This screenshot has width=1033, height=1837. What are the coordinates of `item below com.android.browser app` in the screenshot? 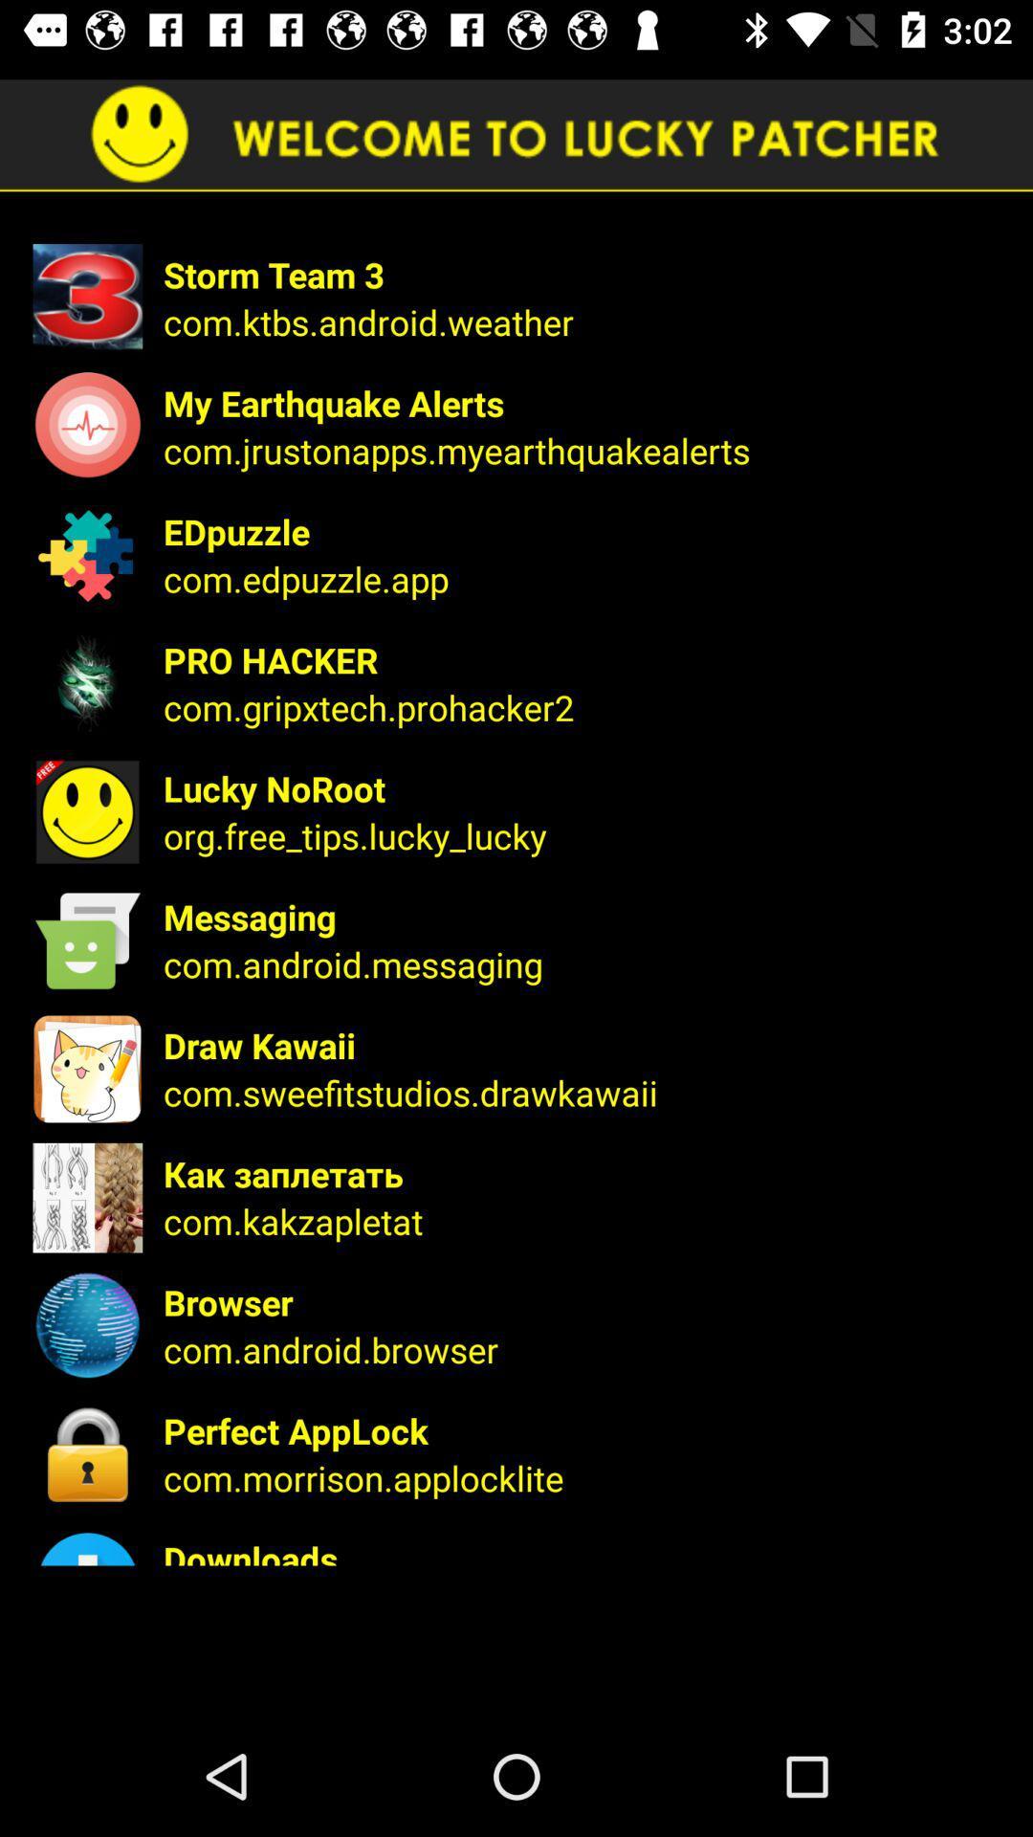 It's located at (584, 1430).